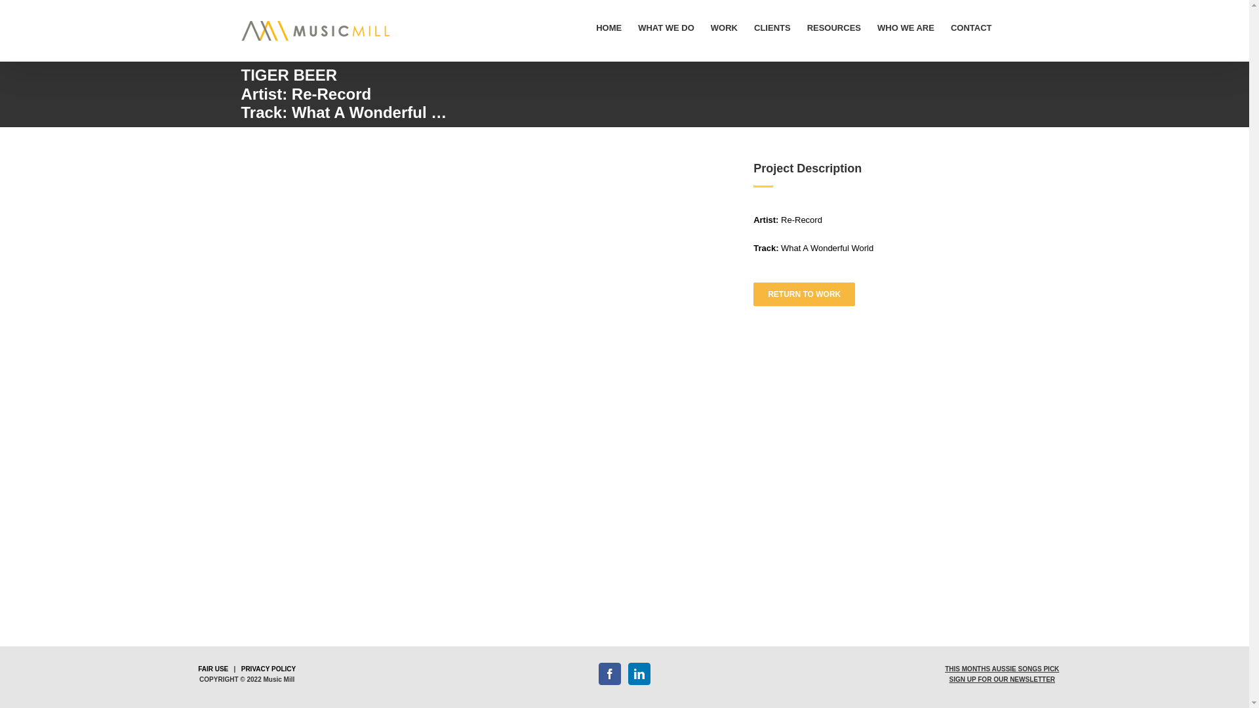  I want to click on 'CLIENTS', so click(772, 28).